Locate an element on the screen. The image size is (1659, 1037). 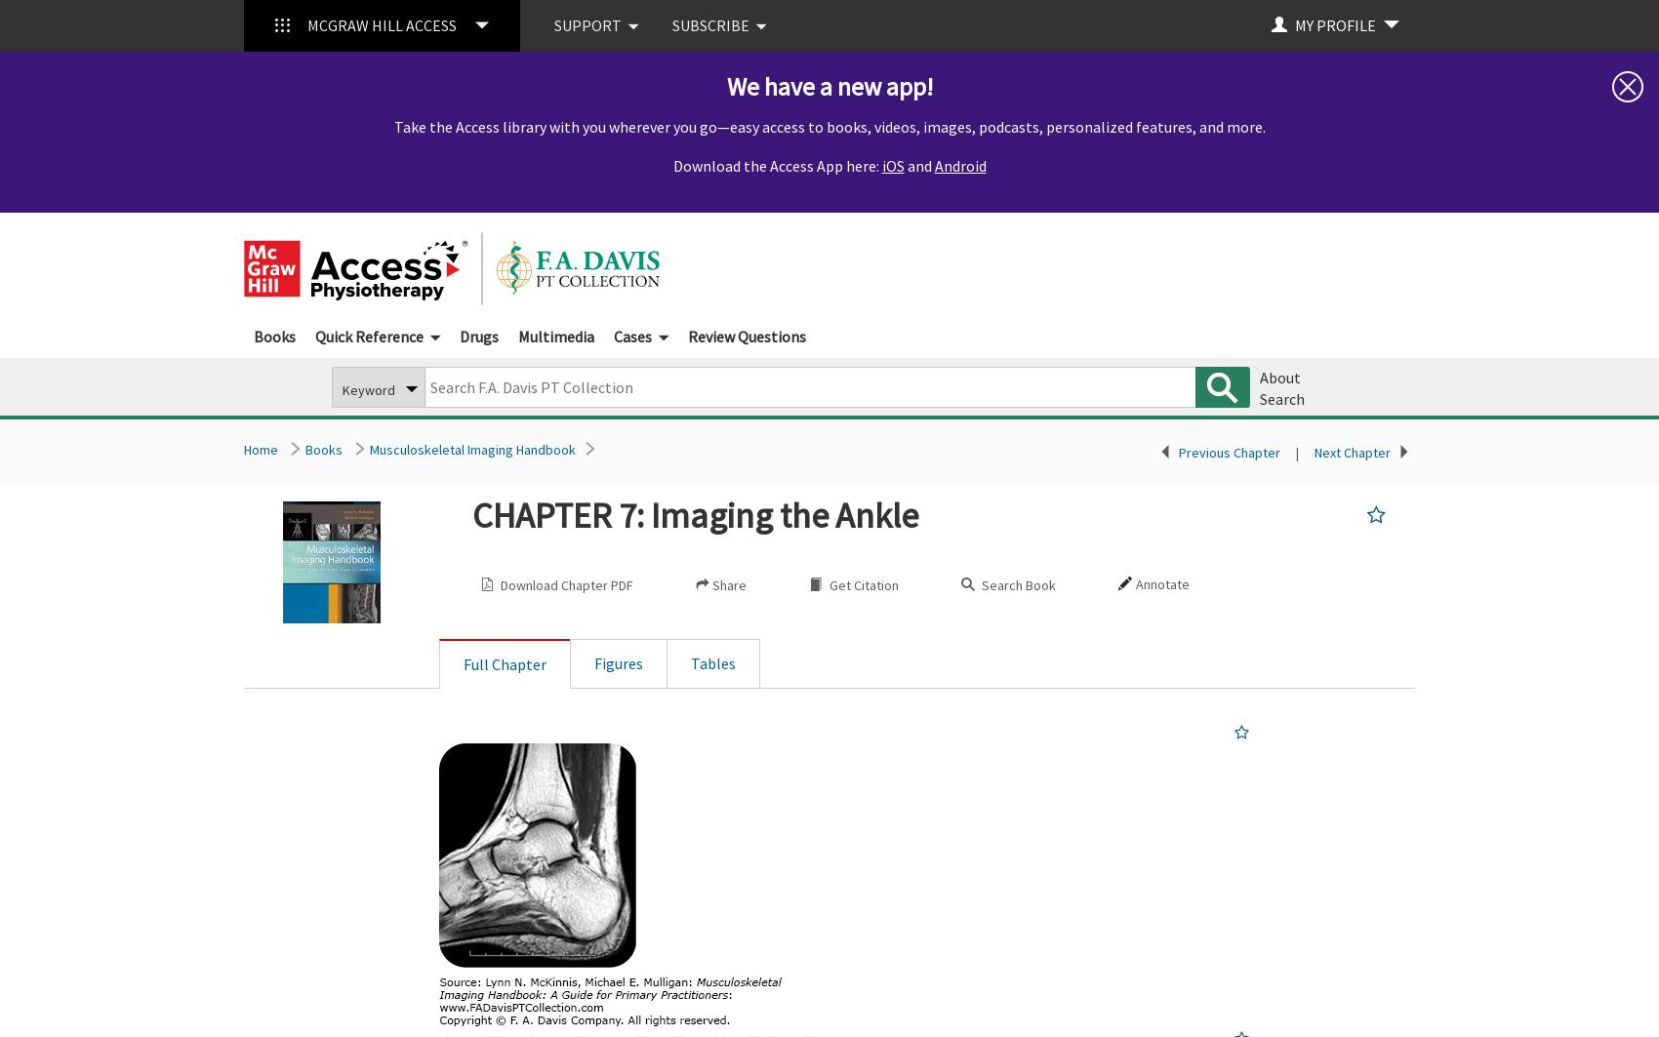
'Android' is located at coordinates (958, 165).